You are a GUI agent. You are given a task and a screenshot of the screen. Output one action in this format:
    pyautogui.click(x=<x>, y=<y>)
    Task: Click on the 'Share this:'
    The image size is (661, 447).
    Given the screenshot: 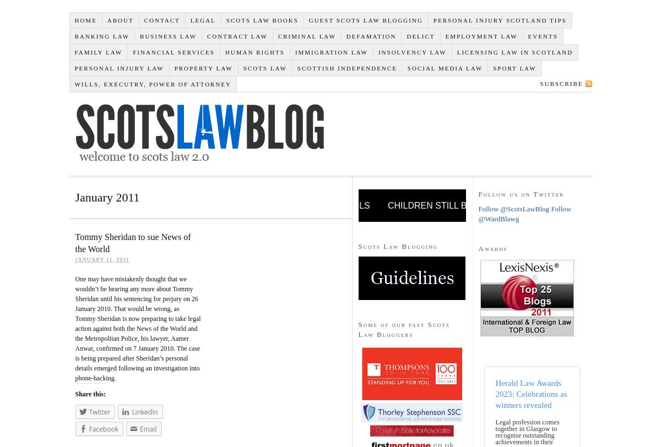 What is the action you would take?
    pyautogui.click(x=74, y=393)
    